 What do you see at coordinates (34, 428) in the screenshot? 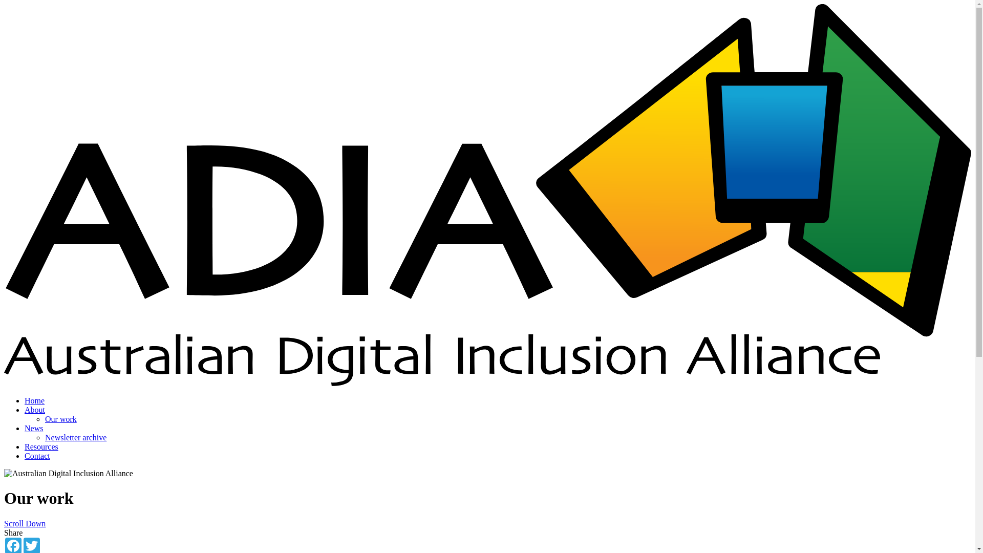
I see `'News'` at bounding box center [34, 428].